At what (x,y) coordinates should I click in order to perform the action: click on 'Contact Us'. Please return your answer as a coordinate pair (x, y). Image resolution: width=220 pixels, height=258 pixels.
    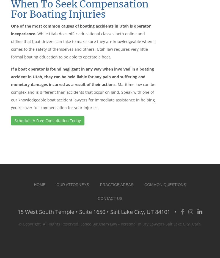
    Looking at the image, I should click on (109, 198).